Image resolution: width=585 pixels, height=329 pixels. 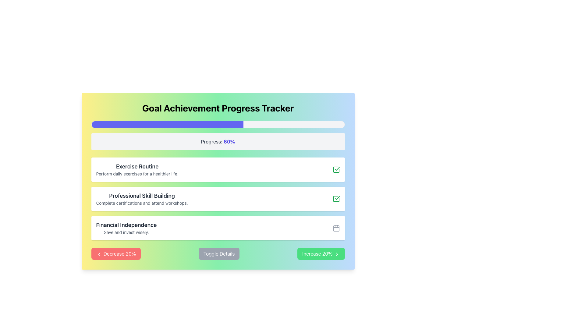 I want to click on information presented in the Text Block titled 'Financial Independence' with the subtitle 'Save and invest wisely.' located within a rounded rectangular card under the 'Goal Achievement Progress Tracker.', so click(x=126, y=228).